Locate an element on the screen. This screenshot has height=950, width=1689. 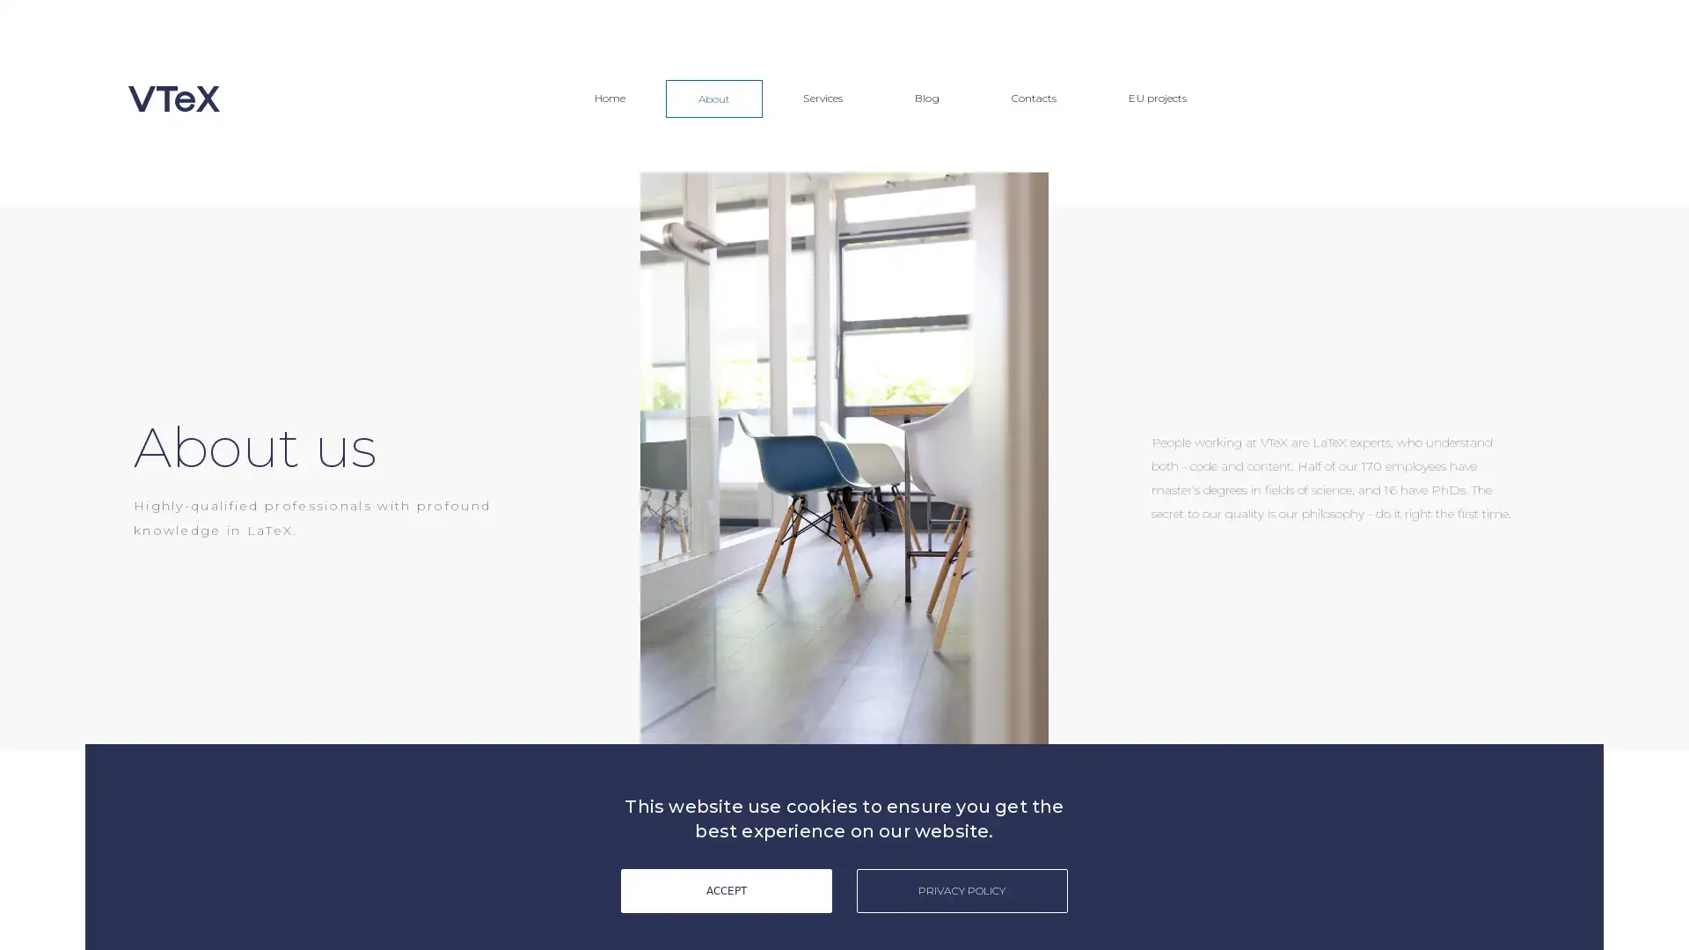
ACCEPT is located at coordinates (726, 891).